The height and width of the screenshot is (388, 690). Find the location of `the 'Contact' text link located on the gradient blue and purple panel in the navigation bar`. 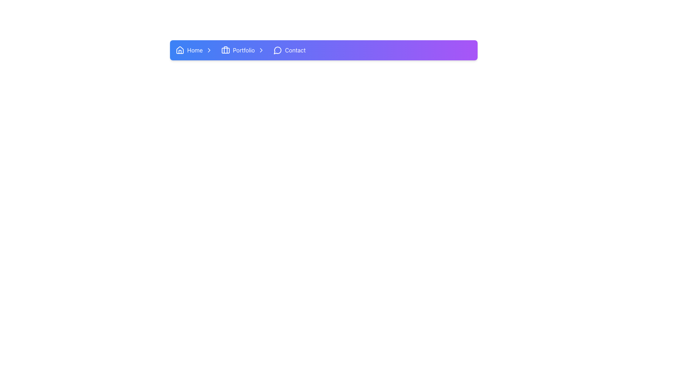

the 'Contact' text link located on the gradient blue and purple panel in the navigation bar is located at coordinates (295, 50).